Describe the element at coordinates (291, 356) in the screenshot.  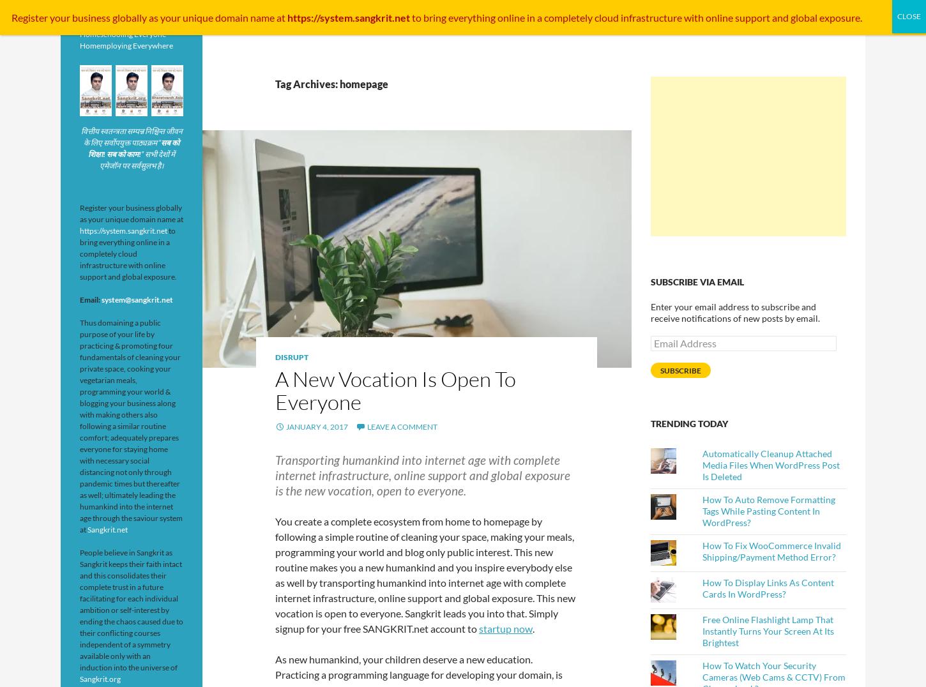
I see `'Disrupt'` at that location.